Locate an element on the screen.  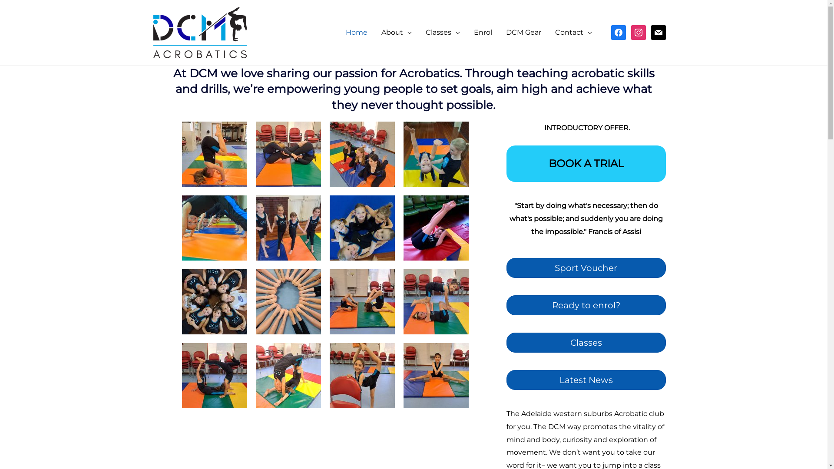
'DCM Gear' is located at coordinates (523, 32).